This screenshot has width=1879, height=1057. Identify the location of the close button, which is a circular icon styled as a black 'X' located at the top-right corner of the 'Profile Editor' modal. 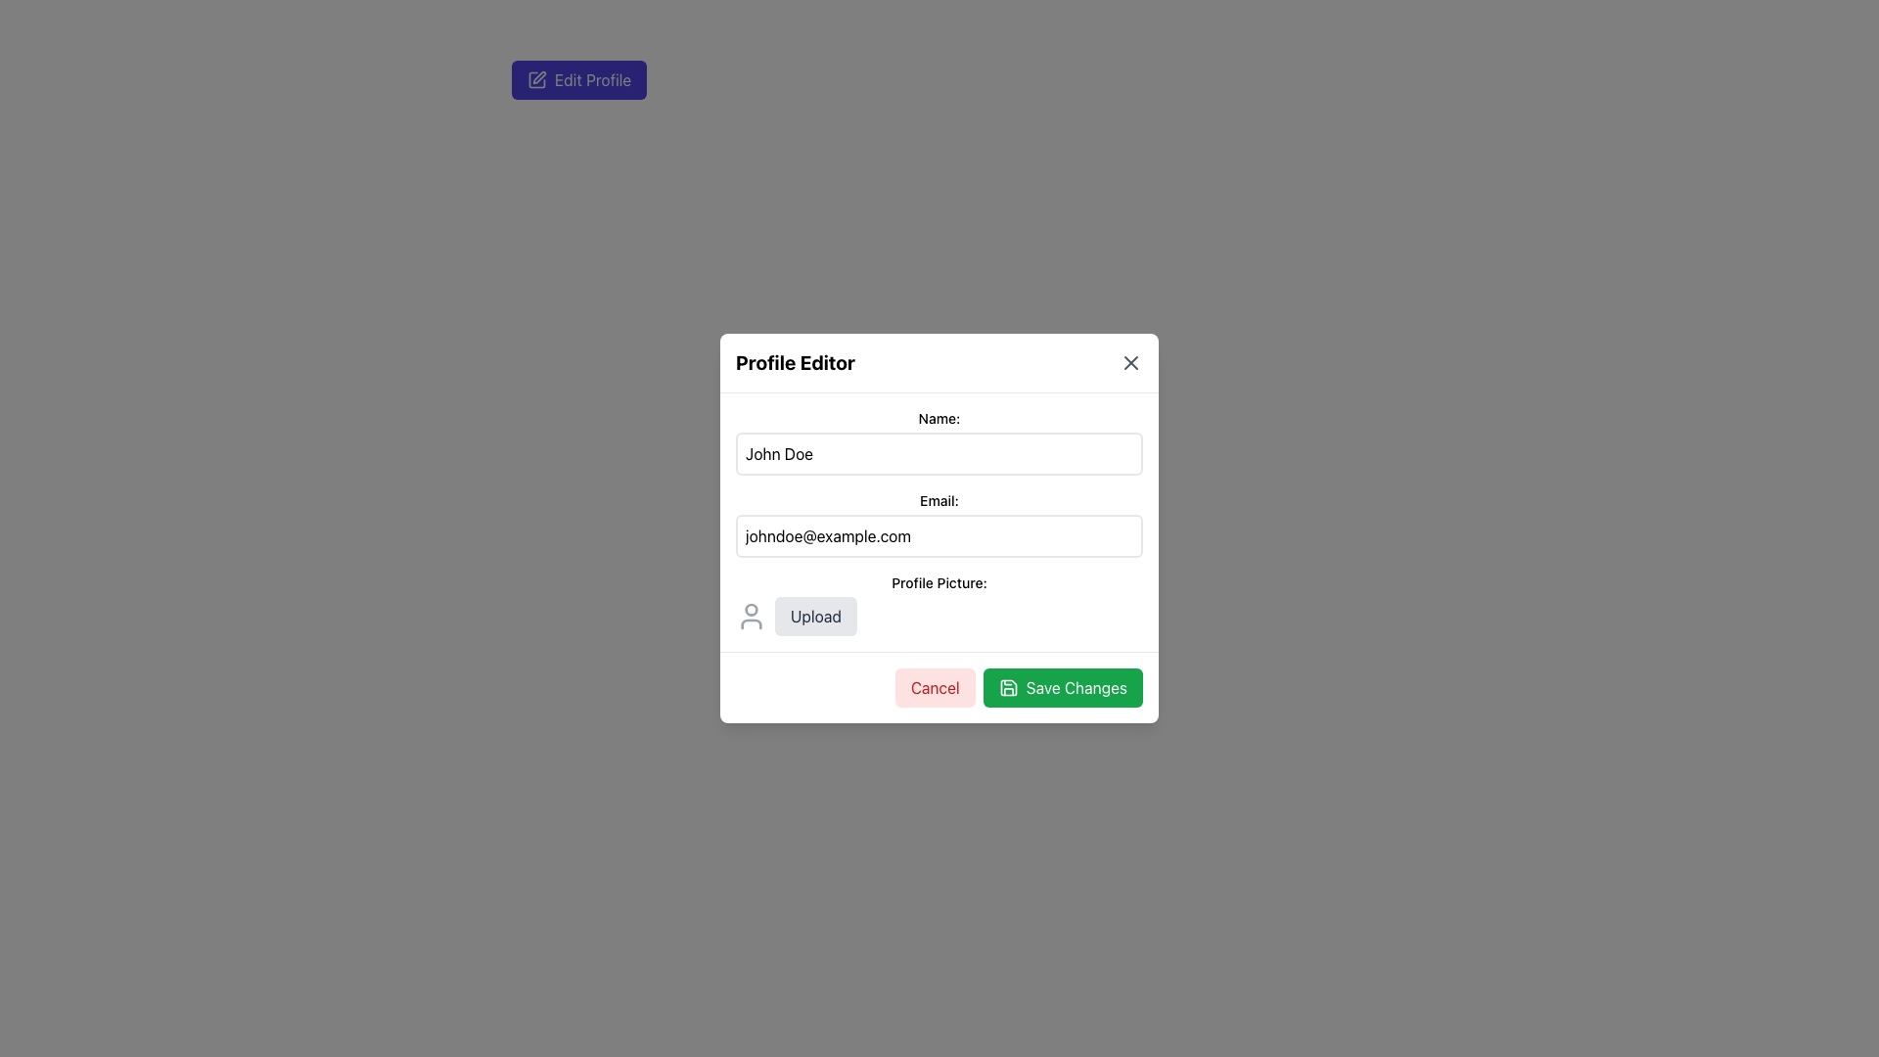
(1131, 362).